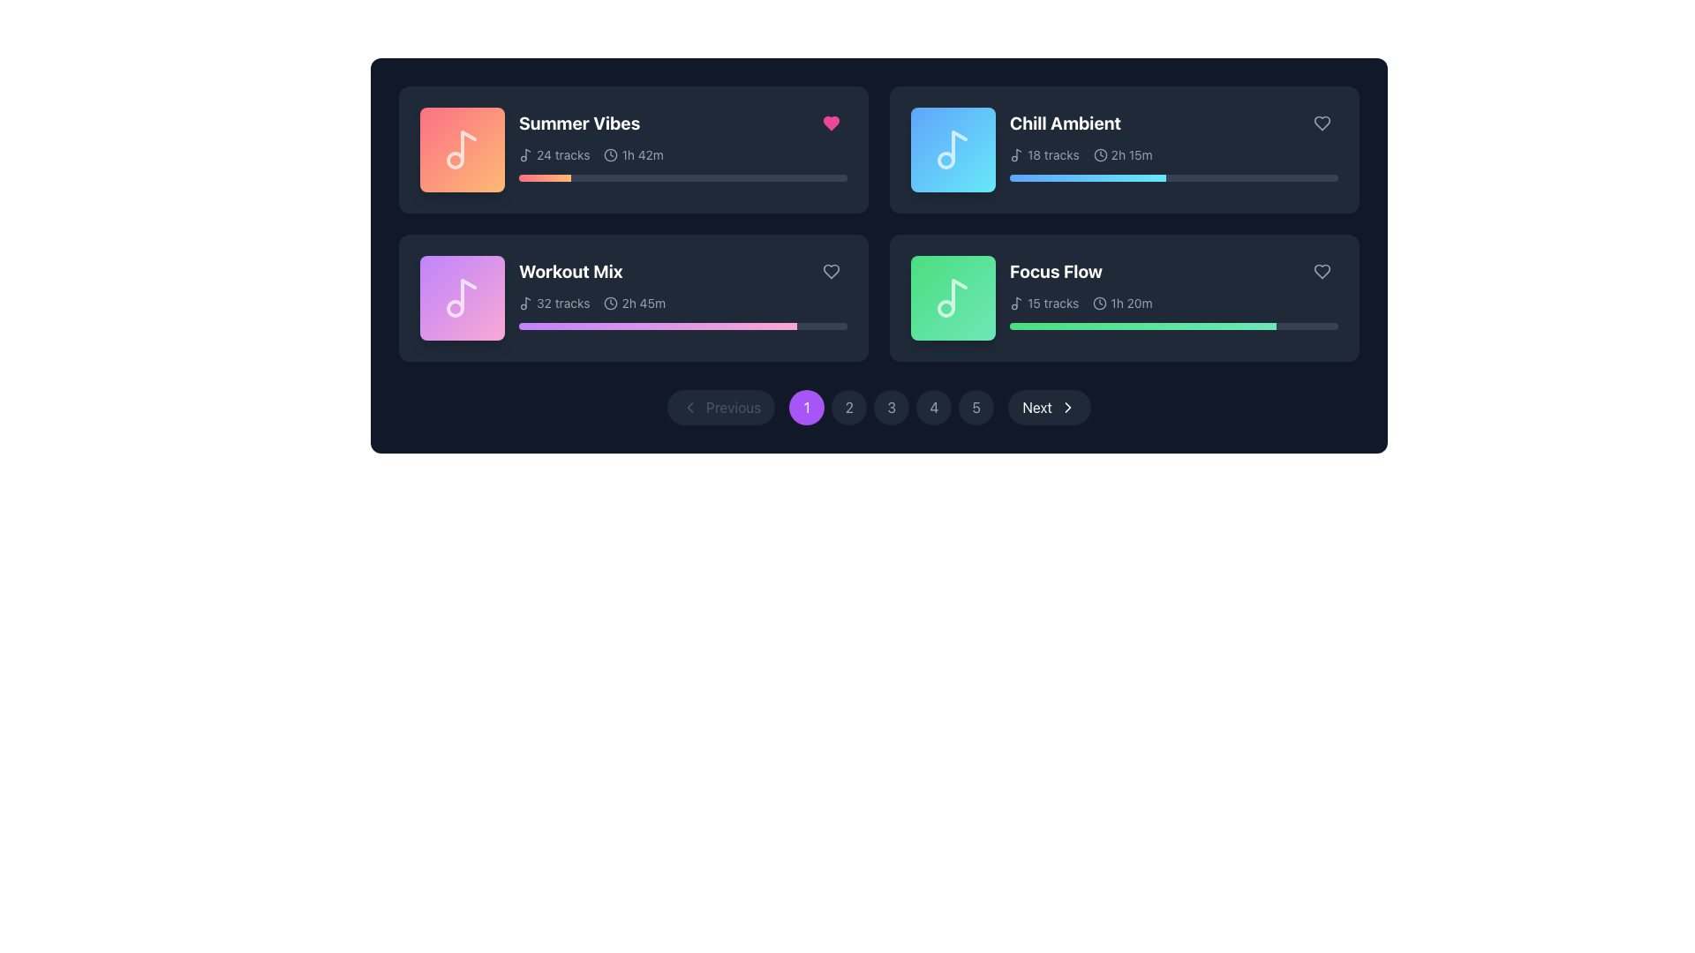 This screenshot has width=1695, height=953. Describe the element at coordinates (611, 154) in the screenshot. I see `the duration icon for the 'Summer Vibes' playlist, which is located to the left of the text '1h 42m' in the time display section of the panel` at that location.